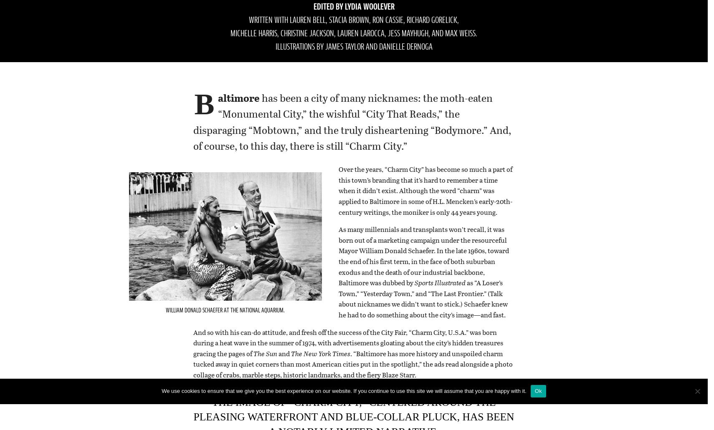  What do you see at coordinates (253, 353) in the screenshot?
I see `'The Sun'` at bounding box center [253, 353].